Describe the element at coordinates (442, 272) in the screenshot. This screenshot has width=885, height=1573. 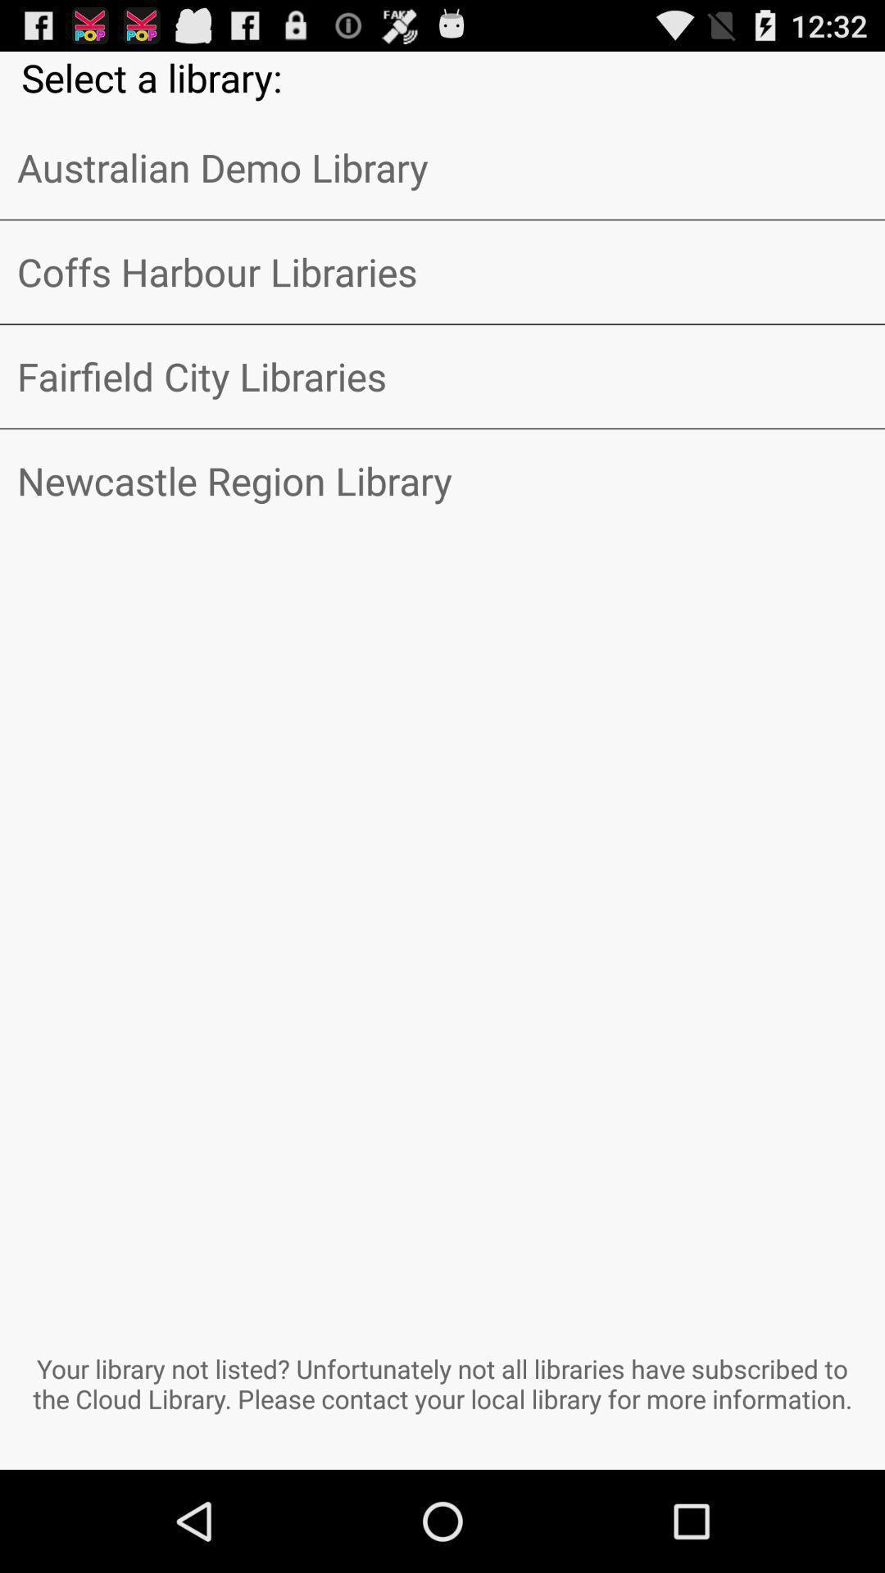
I see `the item below australian demo library icon` at that location.